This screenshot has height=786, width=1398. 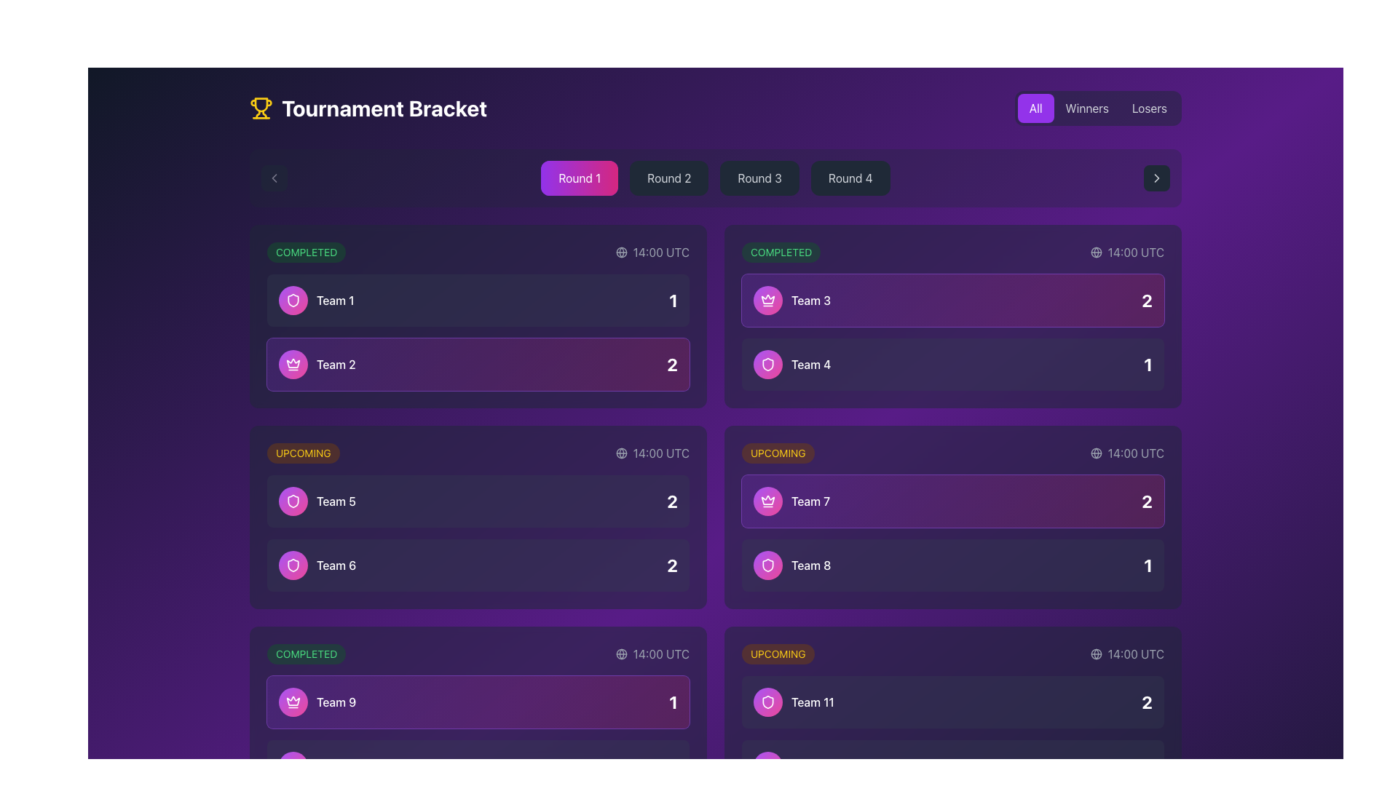 I want to click on the crown icon indicating a status or role of a rewarded nature, located next to the team identification text, so click(x=767, y=499).